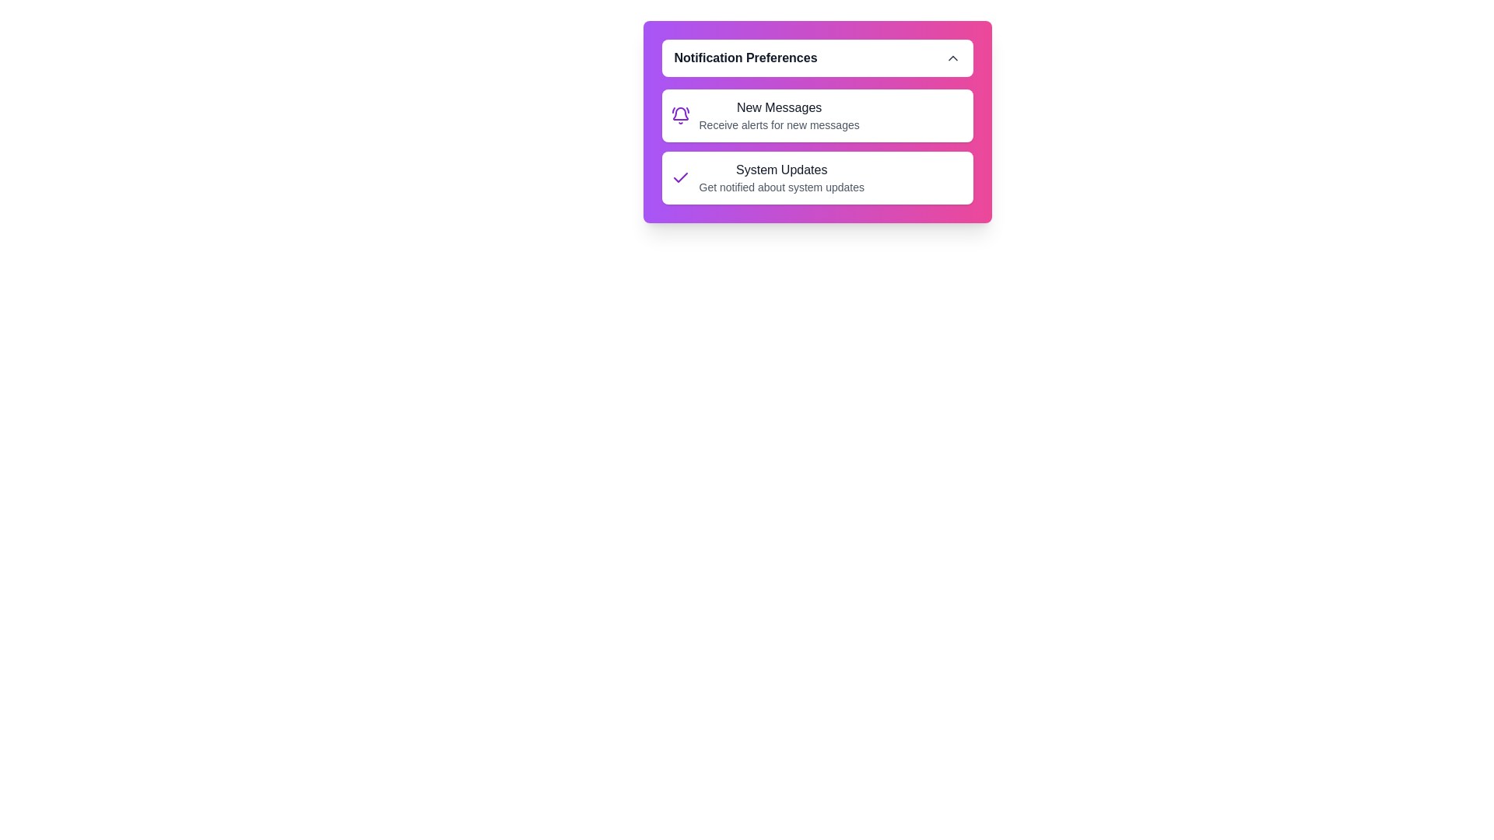  I want to click on the notification item New Messages to view its hover effect, so click(816, 115).